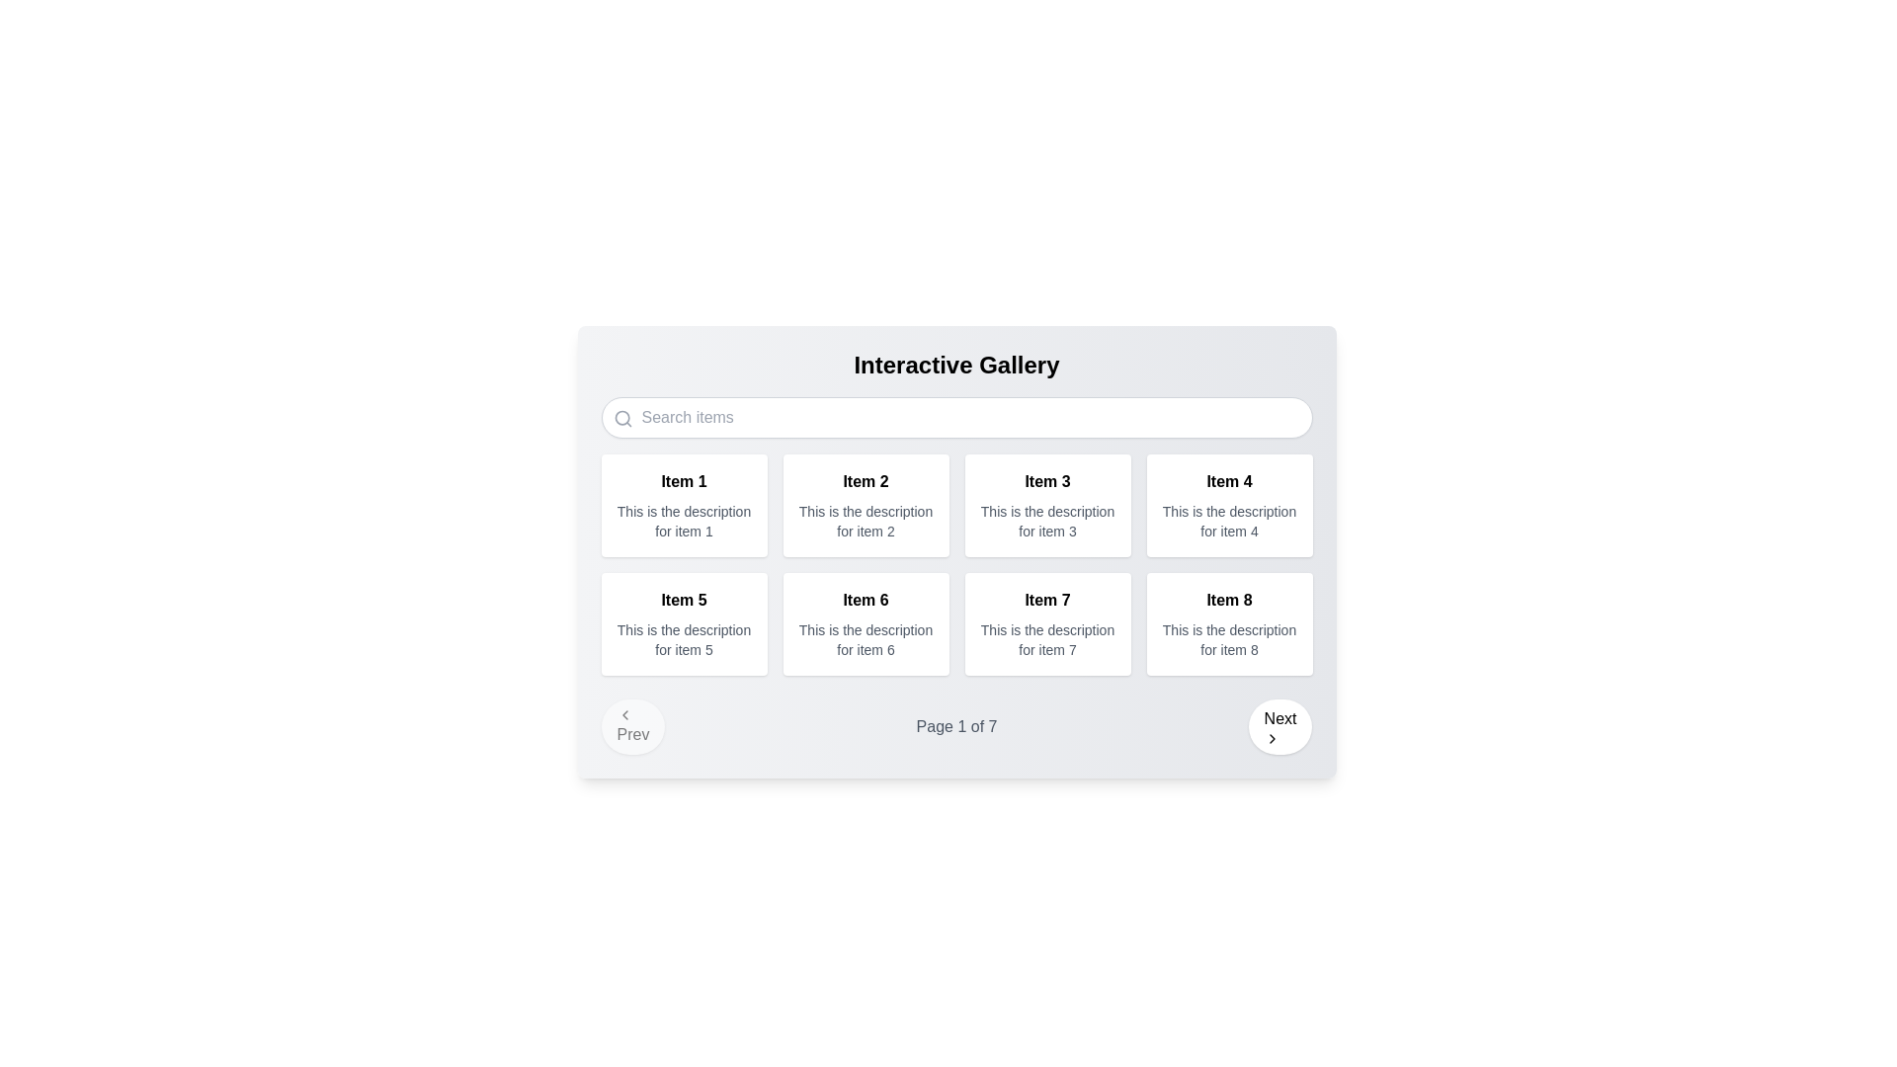 The height and width of the screenshot is (1067, 1897). What do you see at coordinates (866, 600) in the screenshot?
I see `the bold text label 'Item 6' located in the second column of the second row in the grid layout` at bounding box center [866, 600].